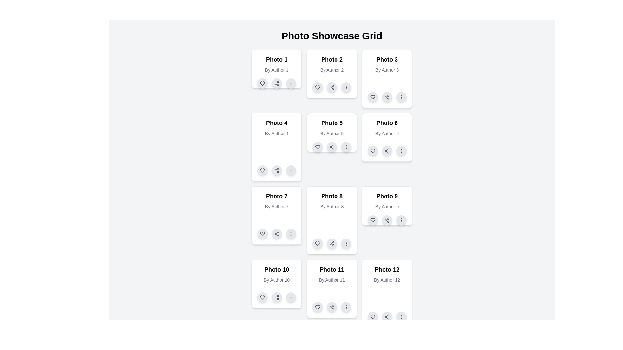 The width and height of the screenshot is (623, 350). Describe the element at coordinates (277, 170) in the screenshot. I see `the center of the 'share' icon located within the circular button at the bottom-center of the 'Photo 4' card` at that location.